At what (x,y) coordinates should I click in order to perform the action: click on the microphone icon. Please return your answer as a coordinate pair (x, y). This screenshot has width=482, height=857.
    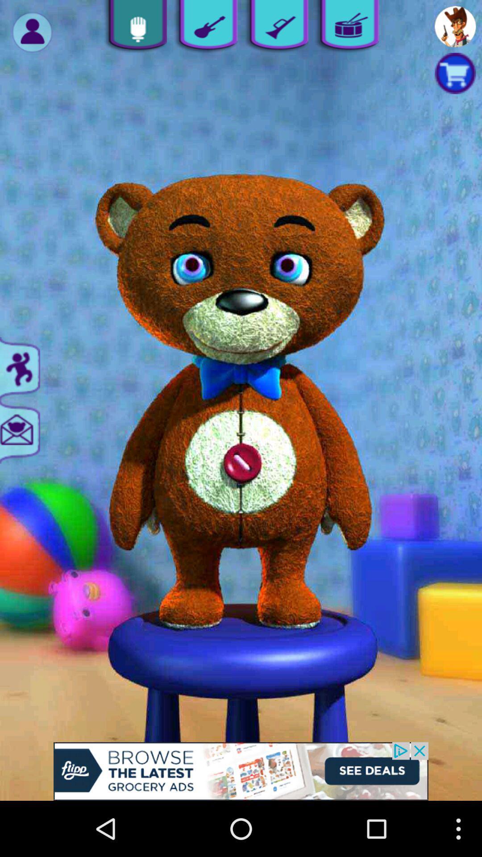
    Looking at the image, I should click on (134, 28).